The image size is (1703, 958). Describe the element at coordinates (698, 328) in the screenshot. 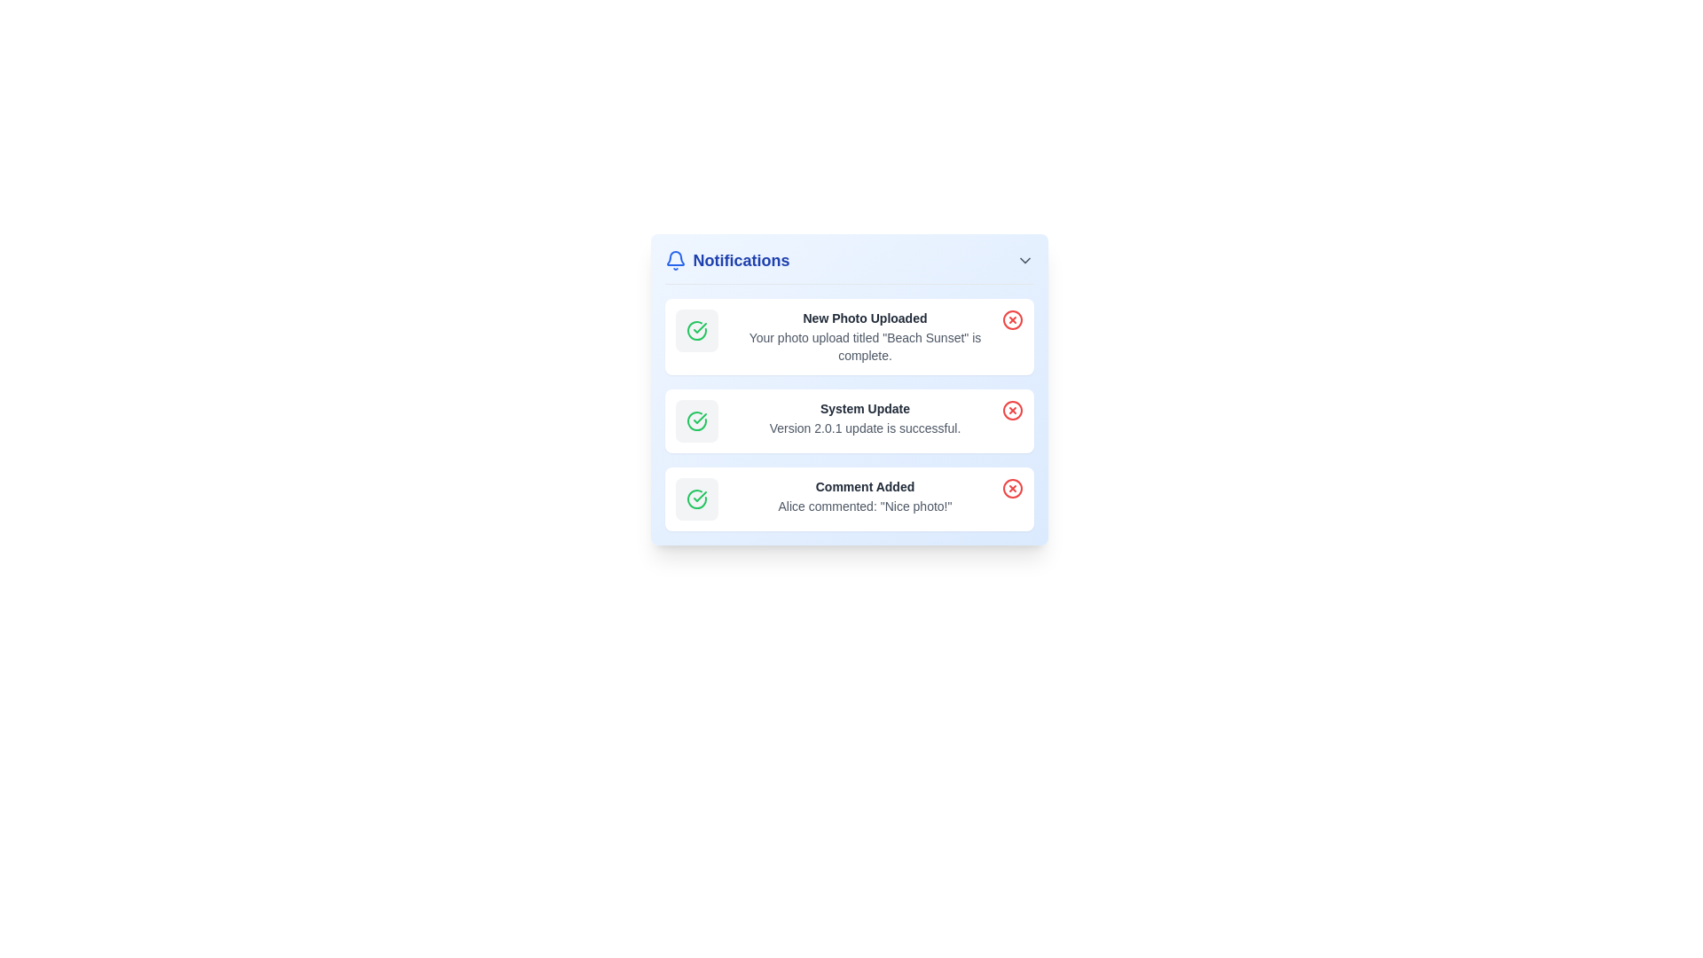

I see `the completed notification icon located to the left of the 'System Update' text in the notification list` at that location.